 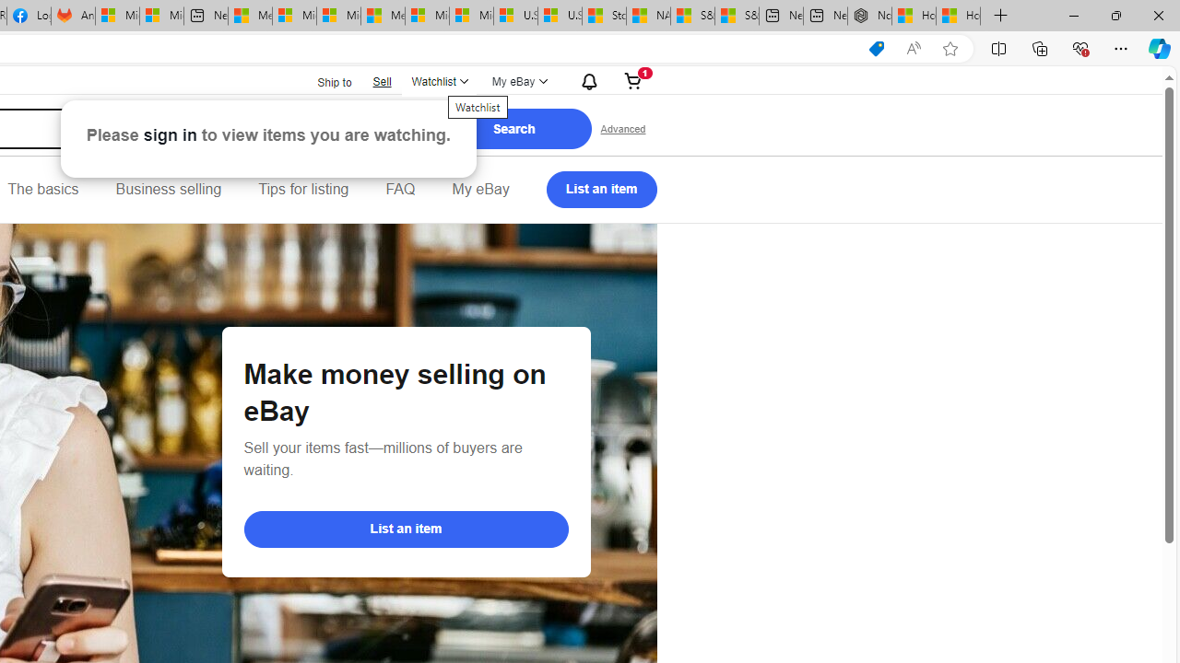 What do you see at coordinates (480, 189) in the screenshot?
I see `'My eBay'` at bounding box center [480, 189].